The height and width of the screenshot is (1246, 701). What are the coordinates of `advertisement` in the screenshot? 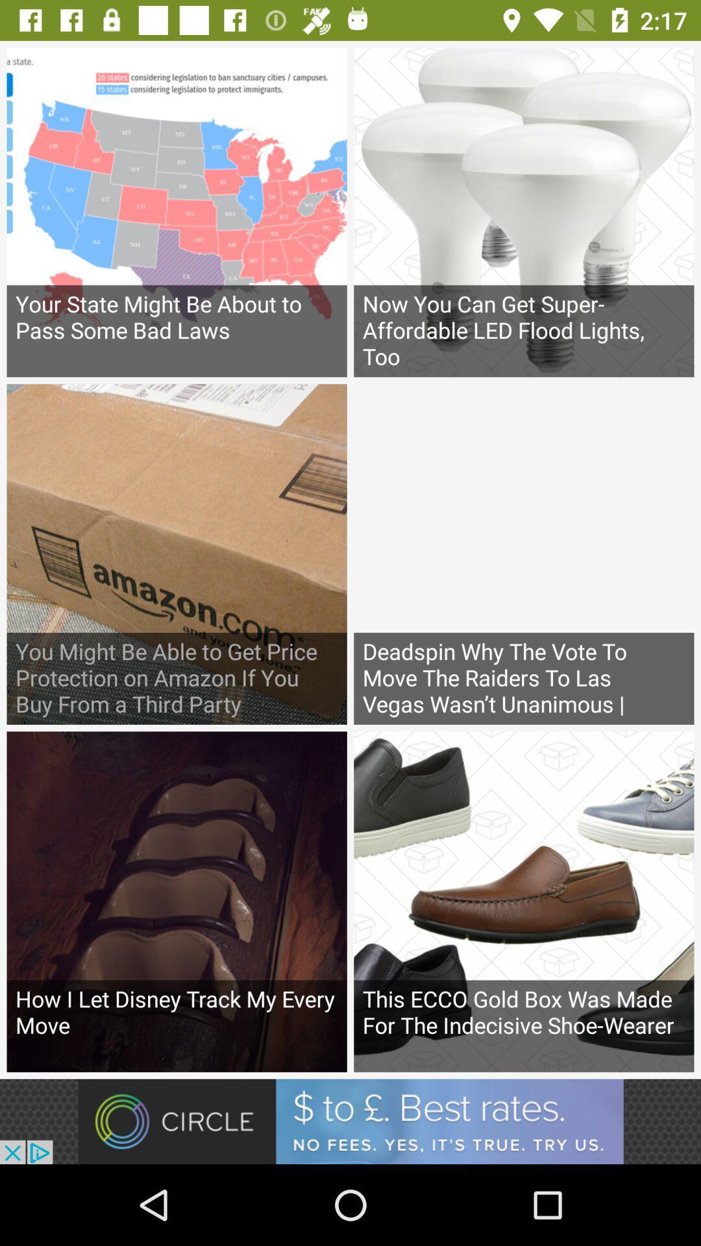 It's located at (350, 1121).